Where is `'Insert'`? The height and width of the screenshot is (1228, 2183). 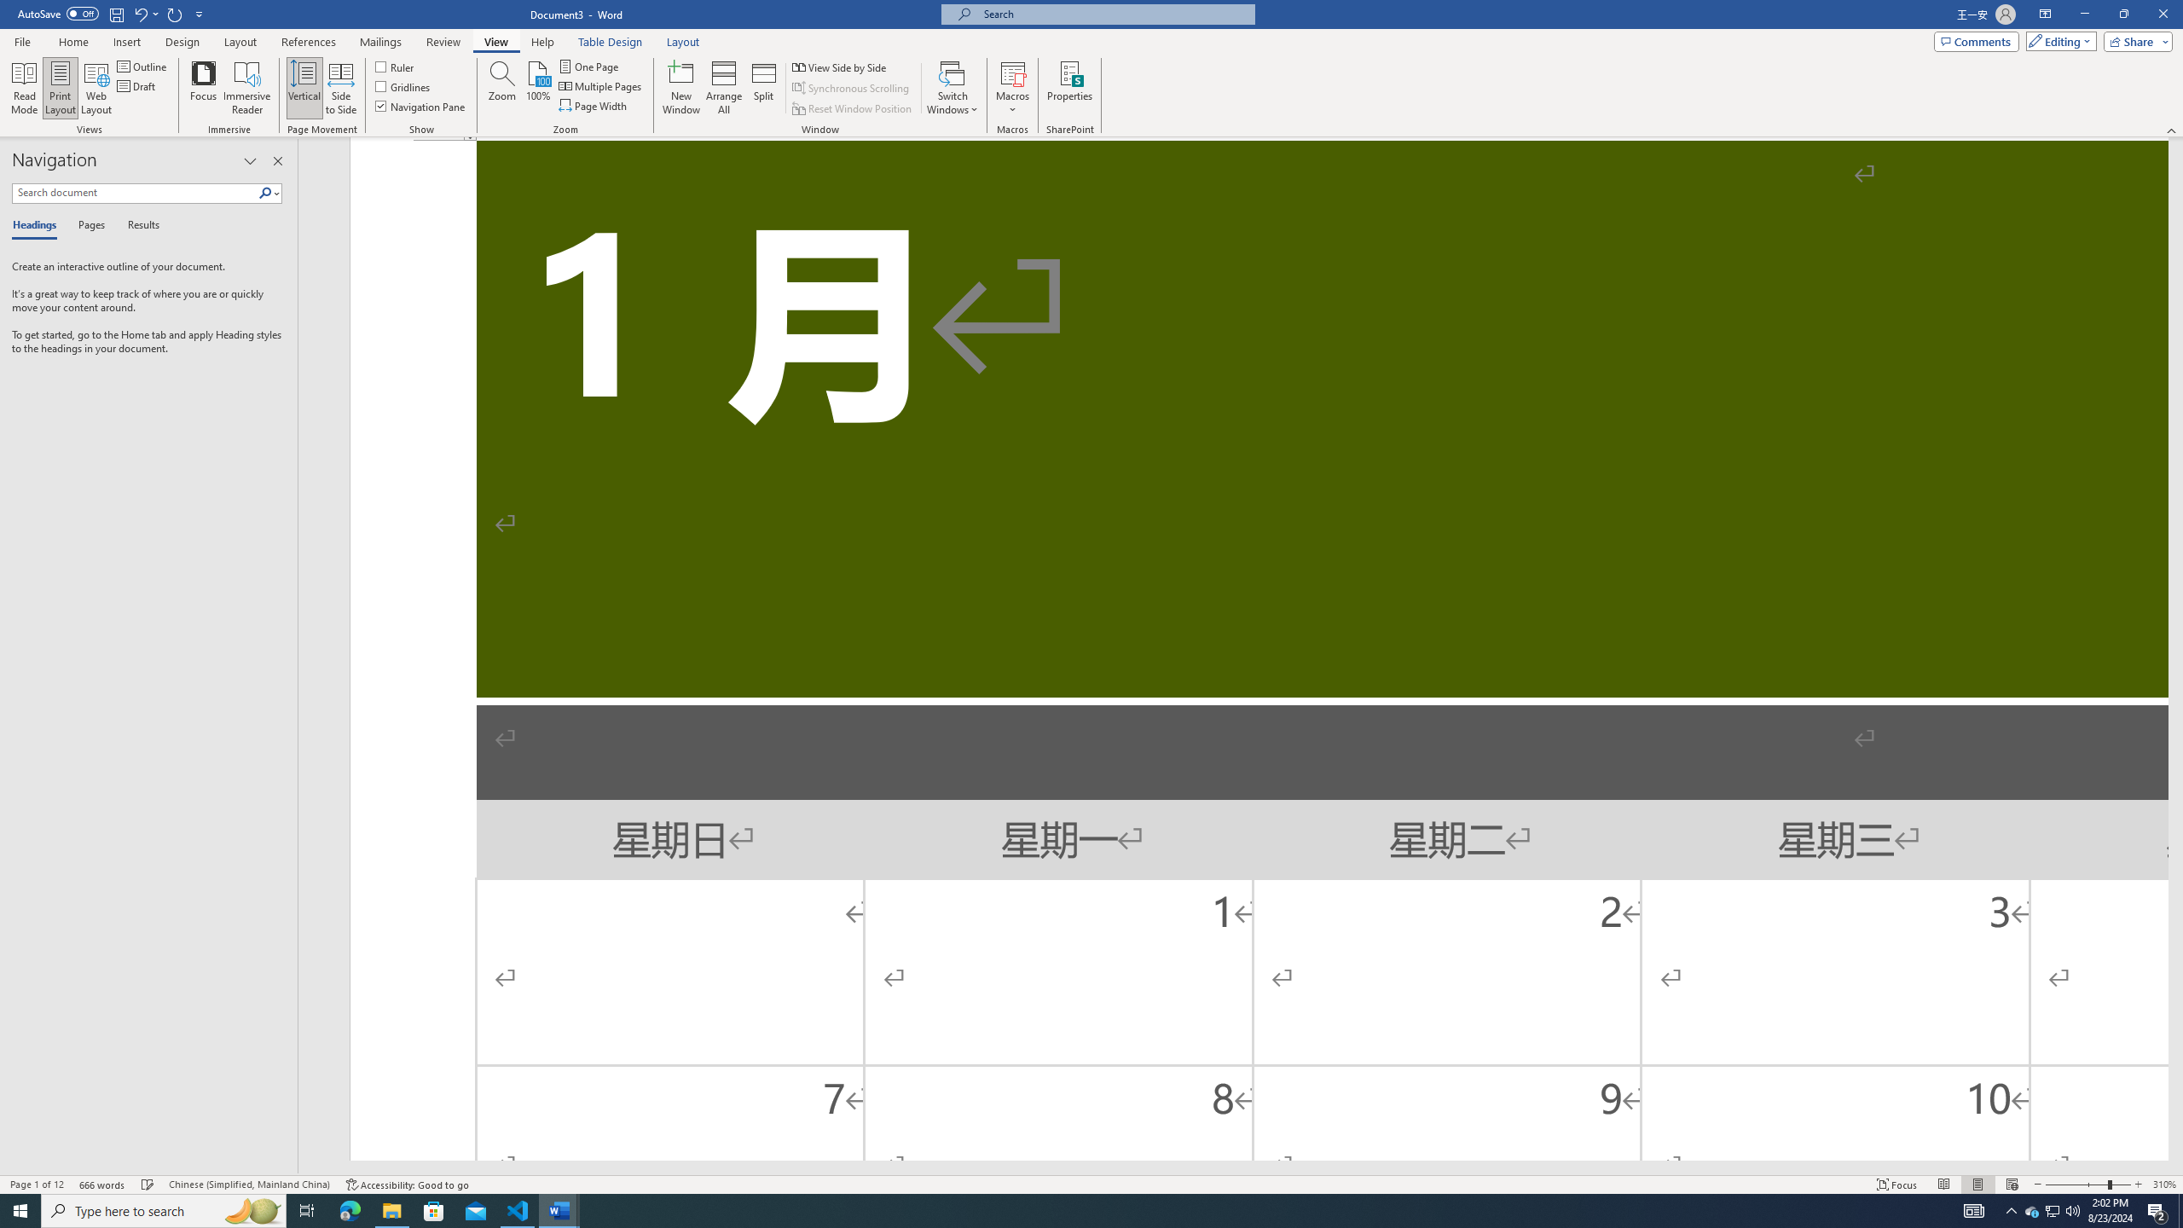 'Insert' is located at coordinates (125, 42).